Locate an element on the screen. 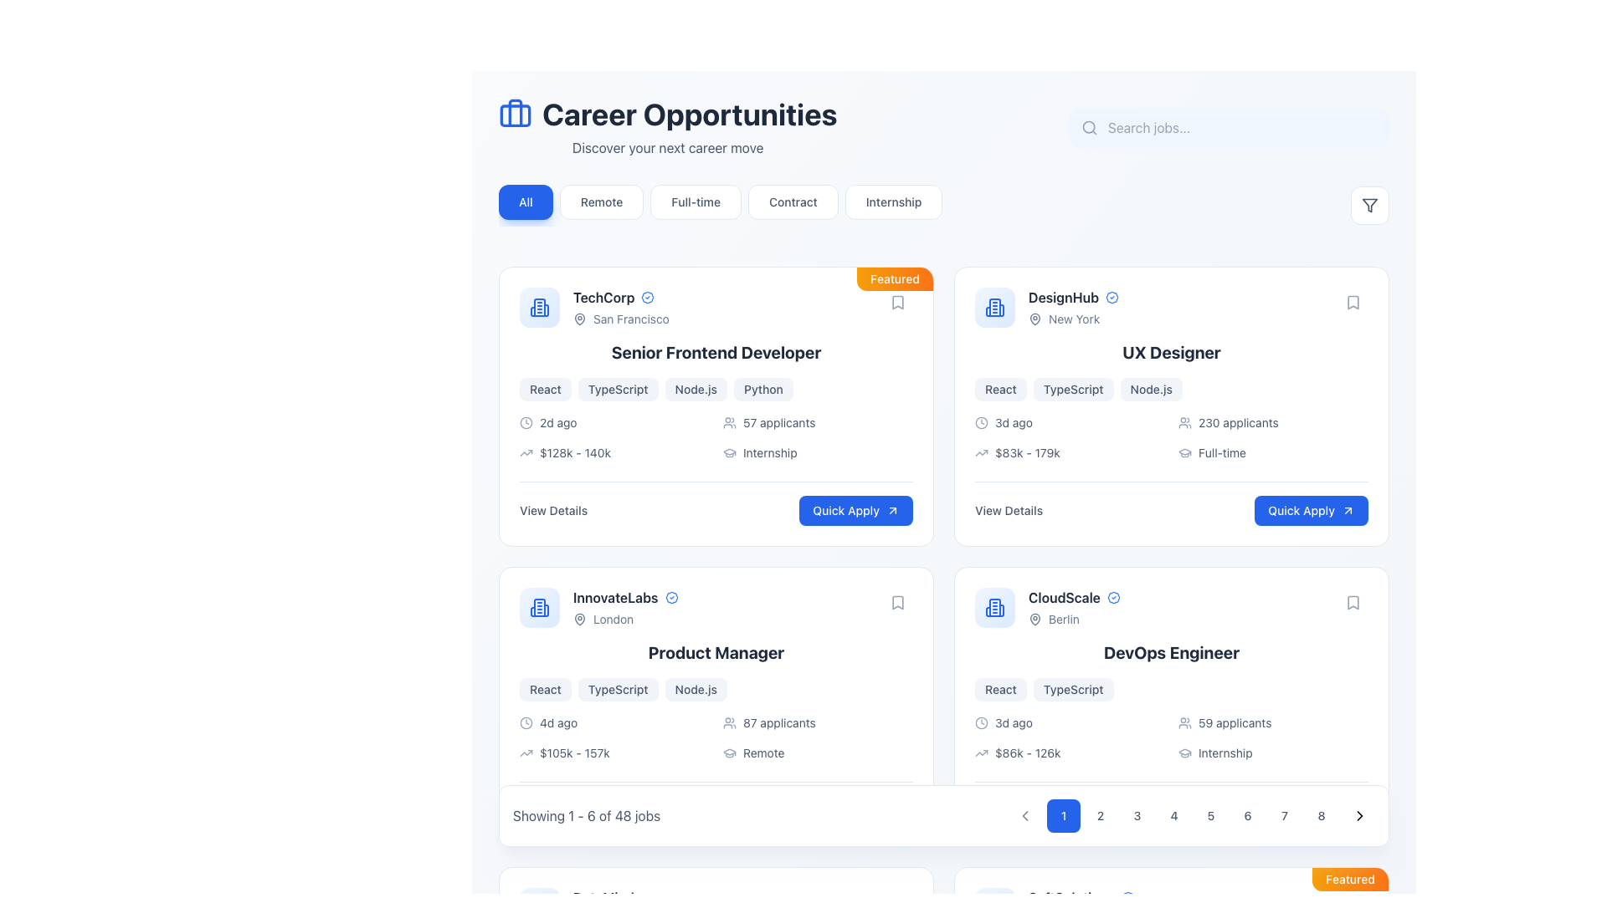  the Bookmark Icon located in the top-right corner of the 'TechCorp' job listing card is located at coordinates (897, 303).